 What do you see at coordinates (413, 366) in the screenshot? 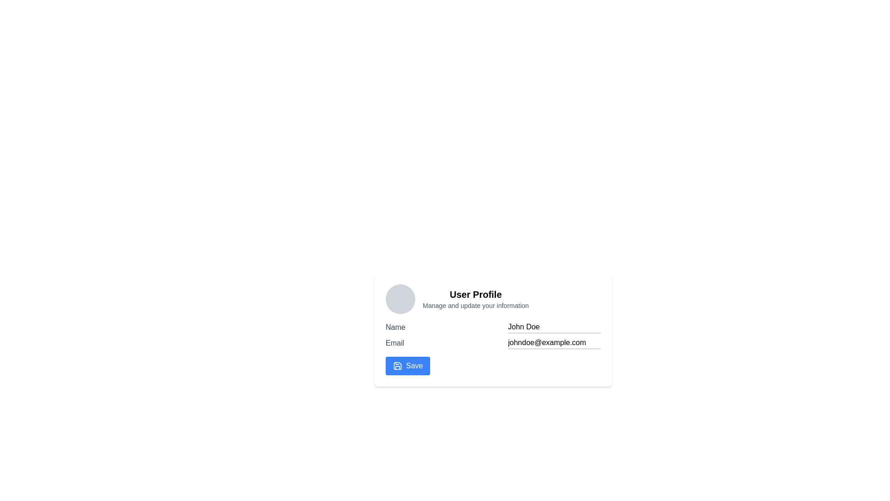
I see `the 'Save' text label located within a blue button at the bottom left of the user profile card layout` at bounding box center [413, 366].